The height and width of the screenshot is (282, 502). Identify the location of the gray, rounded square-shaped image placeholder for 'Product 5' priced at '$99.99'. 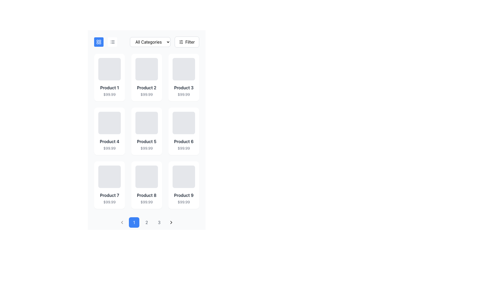
(146, 123).